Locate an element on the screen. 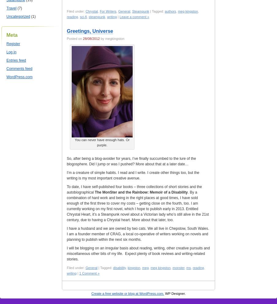 The height and width of the screenshot is (304, 277). 'Leave a comment »' is located at coordinates (134, 17).